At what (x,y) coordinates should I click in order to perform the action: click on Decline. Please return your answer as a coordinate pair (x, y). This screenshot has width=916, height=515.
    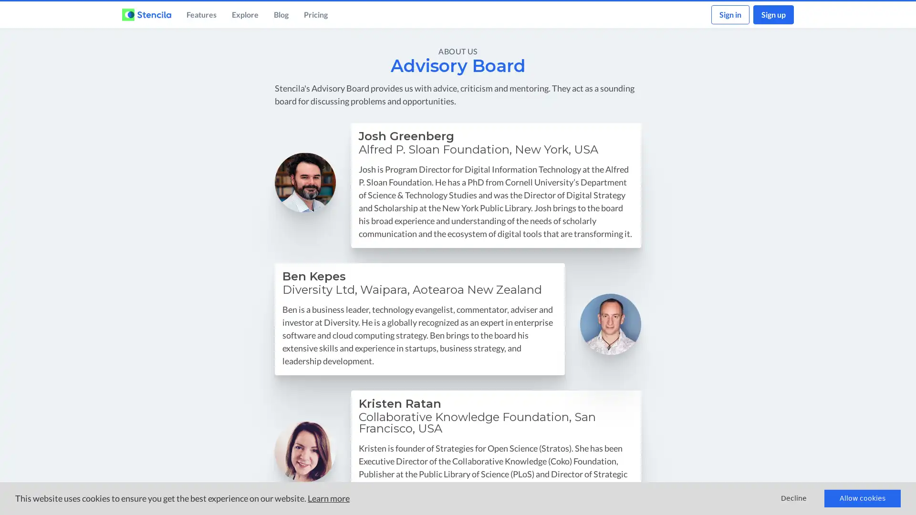
    Looking at the image, I should click on (794, 498).